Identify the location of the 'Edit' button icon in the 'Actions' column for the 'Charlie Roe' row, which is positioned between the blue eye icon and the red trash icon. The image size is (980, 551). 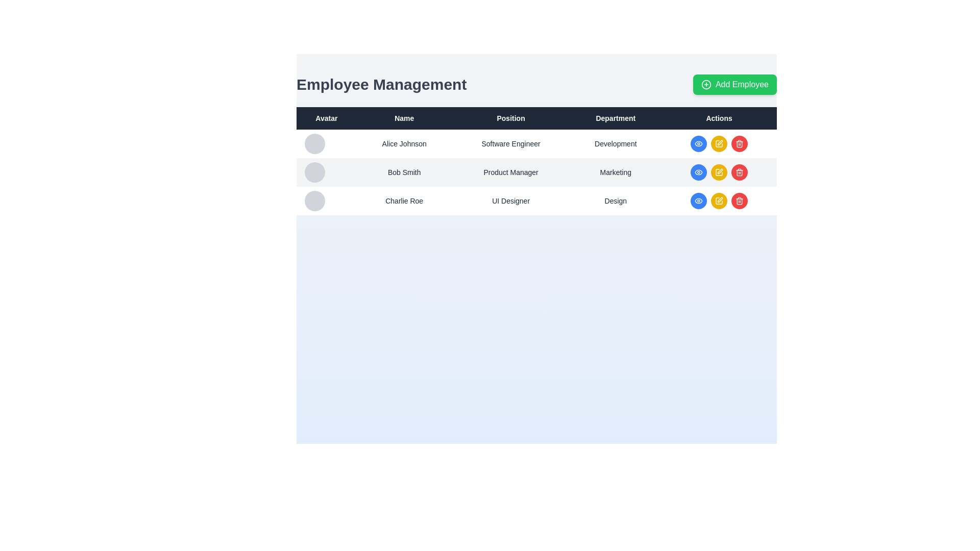
(719, 201).